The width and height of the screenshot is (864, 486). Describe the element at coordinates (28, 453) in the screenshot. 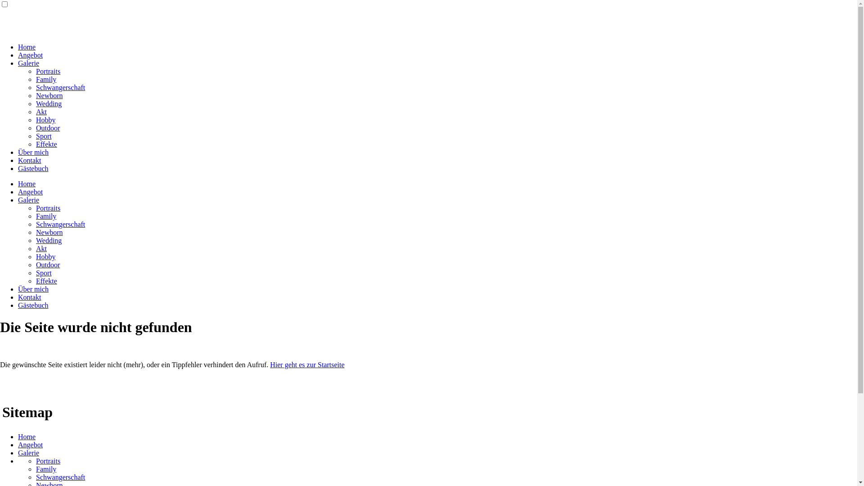

I see `'Galerie'` at that location.